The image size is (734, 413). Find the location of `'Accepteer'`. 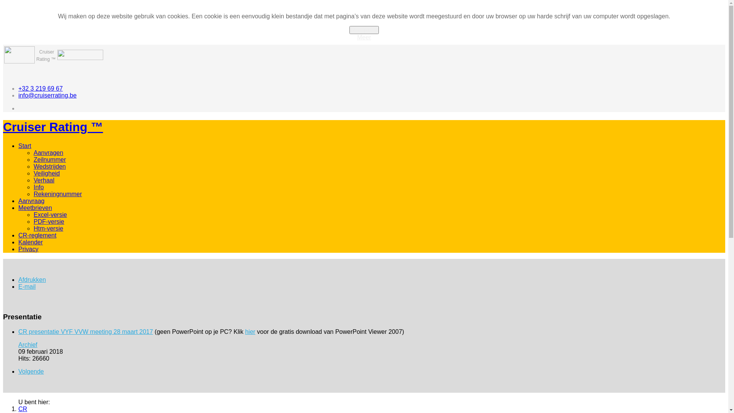

'Accepteer' is located at coordinates (349, 29).